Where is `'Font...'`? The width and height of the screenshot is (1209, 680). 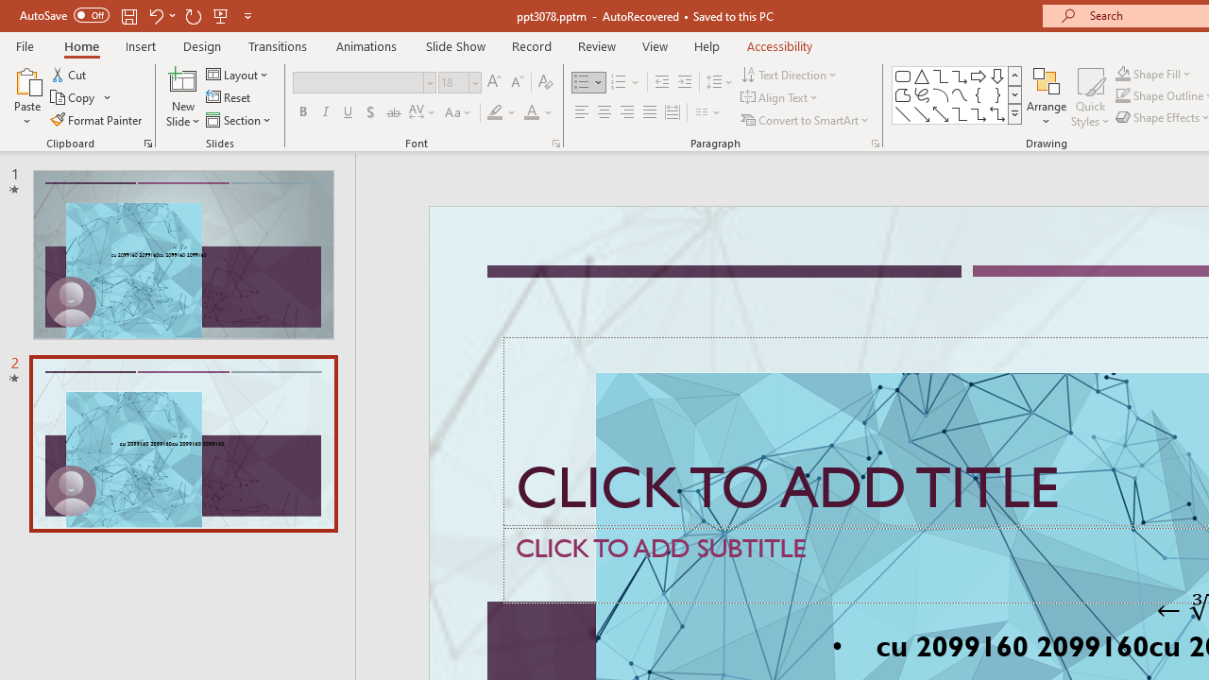 'Font...' is located at coordinates (554, 142).